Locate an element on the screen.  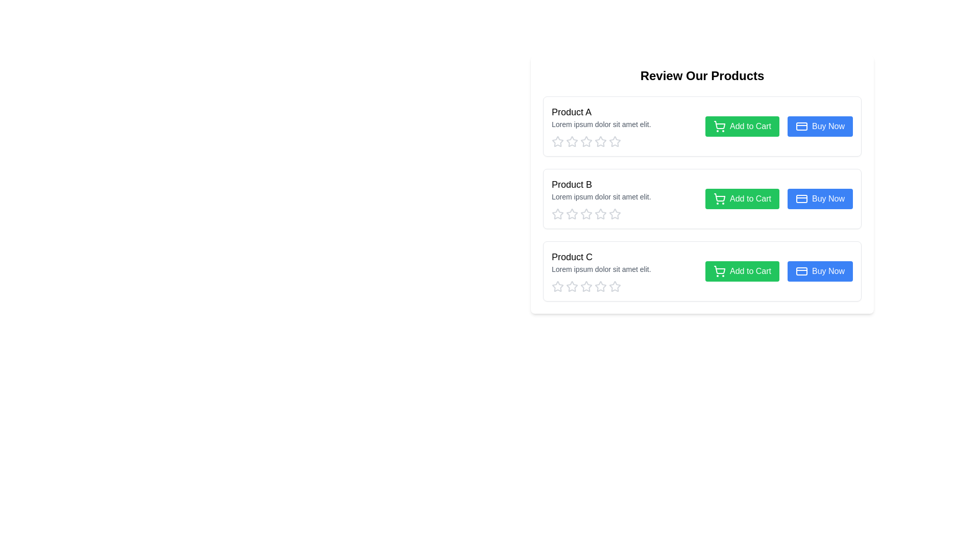
the first rating star icon located below the 'Product B' description is located at coordinates (557, 214).